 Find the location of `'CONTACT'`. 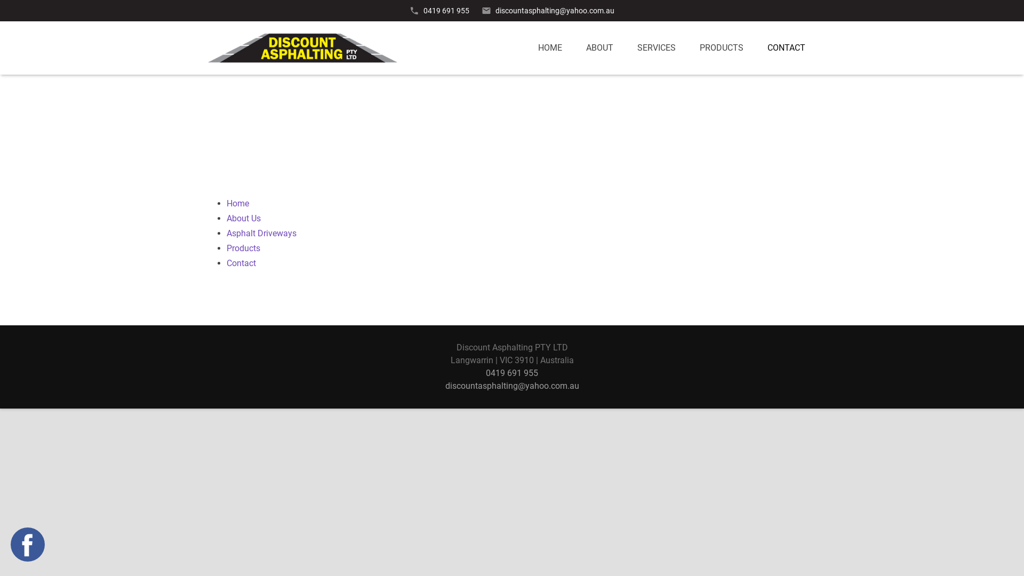

'CONTACT' is located at coordinates (756, 47).